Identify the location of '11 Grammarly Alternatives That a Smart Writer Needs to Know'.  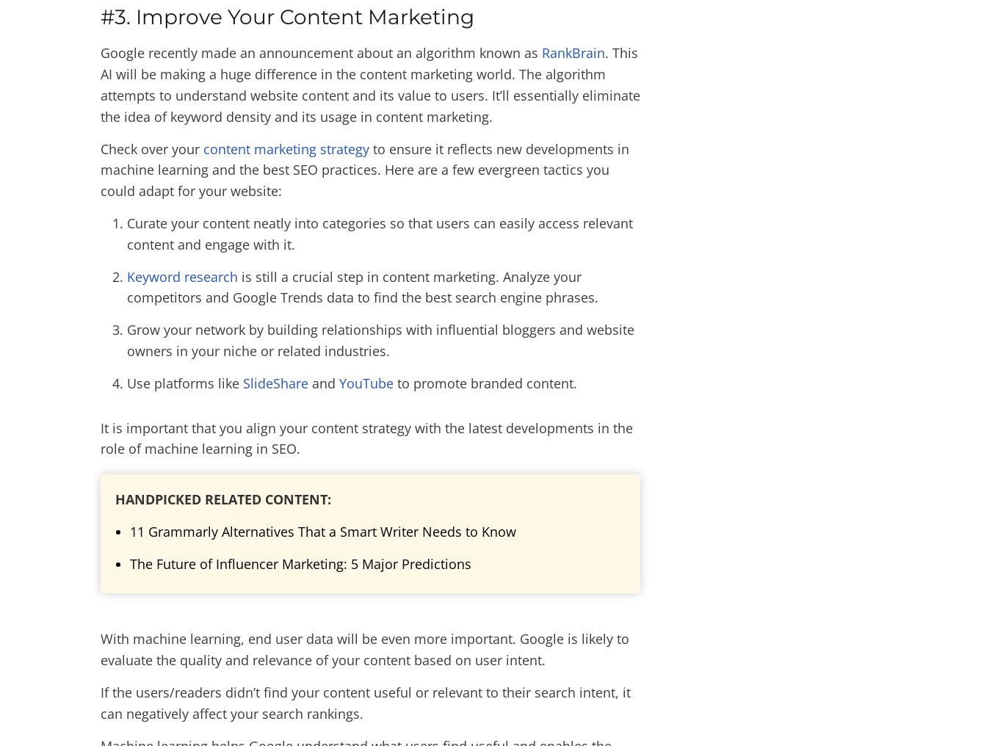
(322, 530).